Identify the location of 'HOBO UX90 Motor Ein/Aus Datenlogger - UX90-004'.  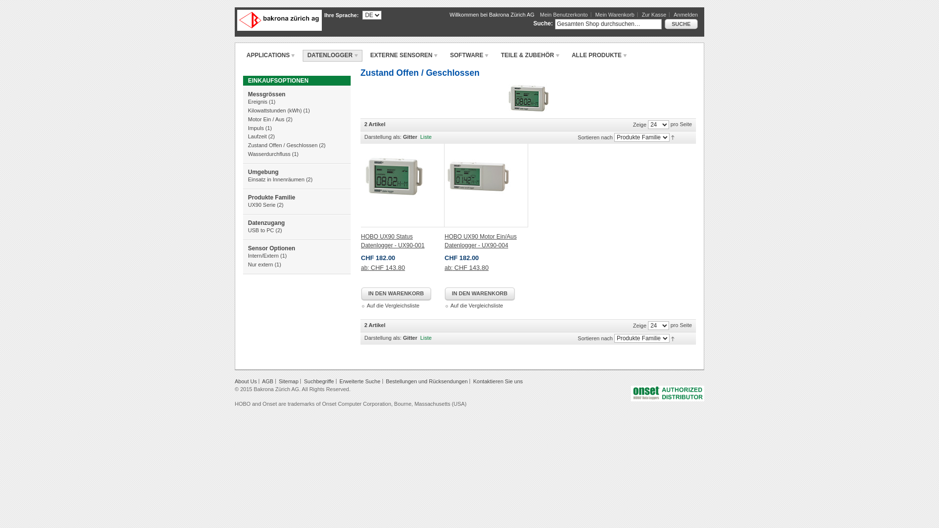
(480, 241).